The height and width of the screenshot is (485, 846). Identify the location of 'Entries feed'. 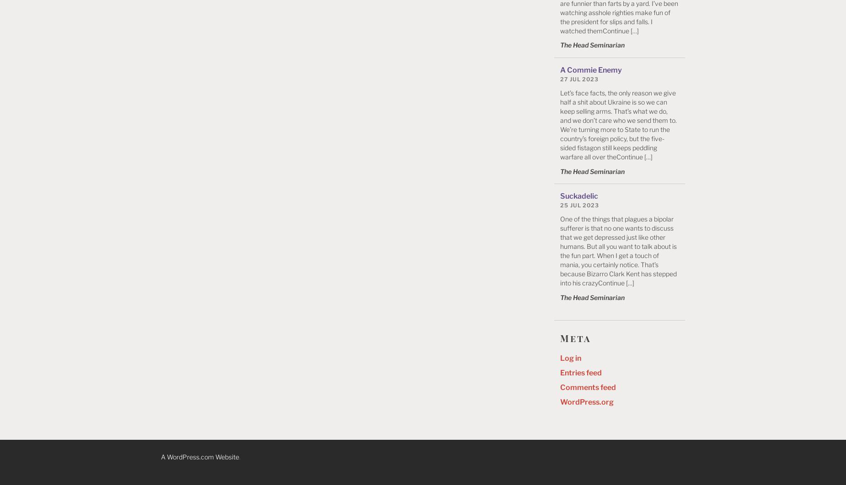
(580, 372).